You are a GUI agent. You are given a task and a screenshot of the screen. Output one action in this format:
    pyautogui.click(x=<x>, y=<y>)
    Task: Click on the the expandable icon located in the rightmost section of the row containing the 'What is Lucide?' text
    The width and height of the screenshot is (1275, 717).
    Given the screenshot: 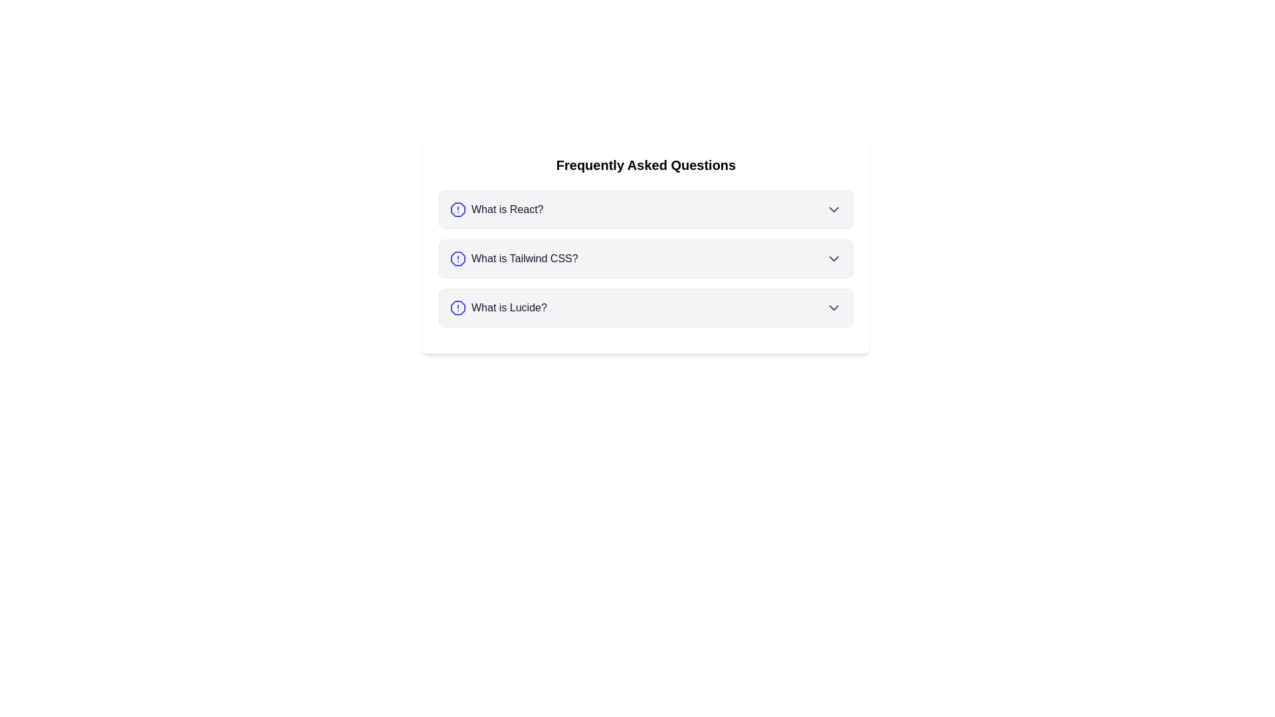 What is the action you would take?
    pyautogui.click(x=833, y=307)
    